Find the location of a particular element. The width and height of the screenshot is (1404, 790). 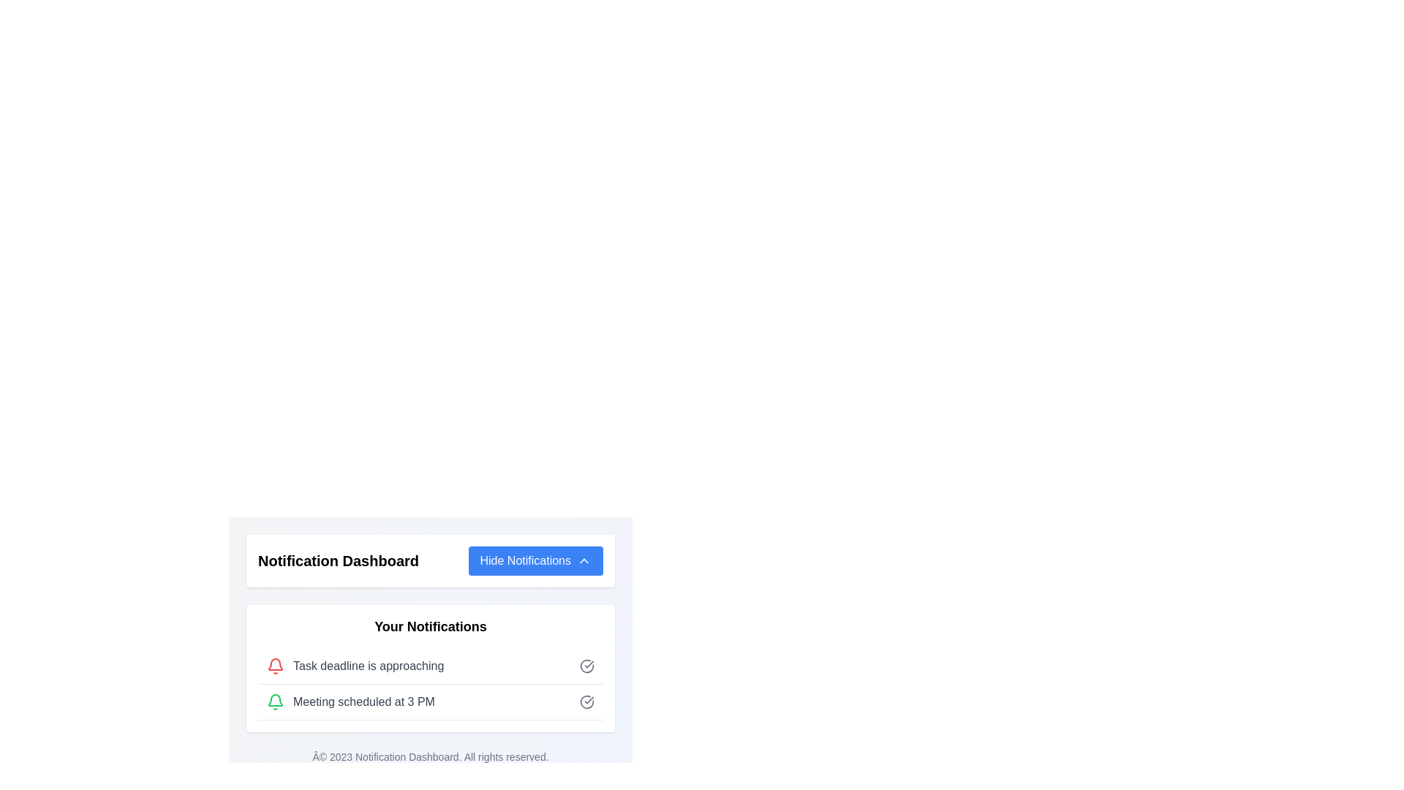

the action icon button located on the far right side of the notification item that includes the text 'Task deadline is approaching' is located at coordinates (586, 666).